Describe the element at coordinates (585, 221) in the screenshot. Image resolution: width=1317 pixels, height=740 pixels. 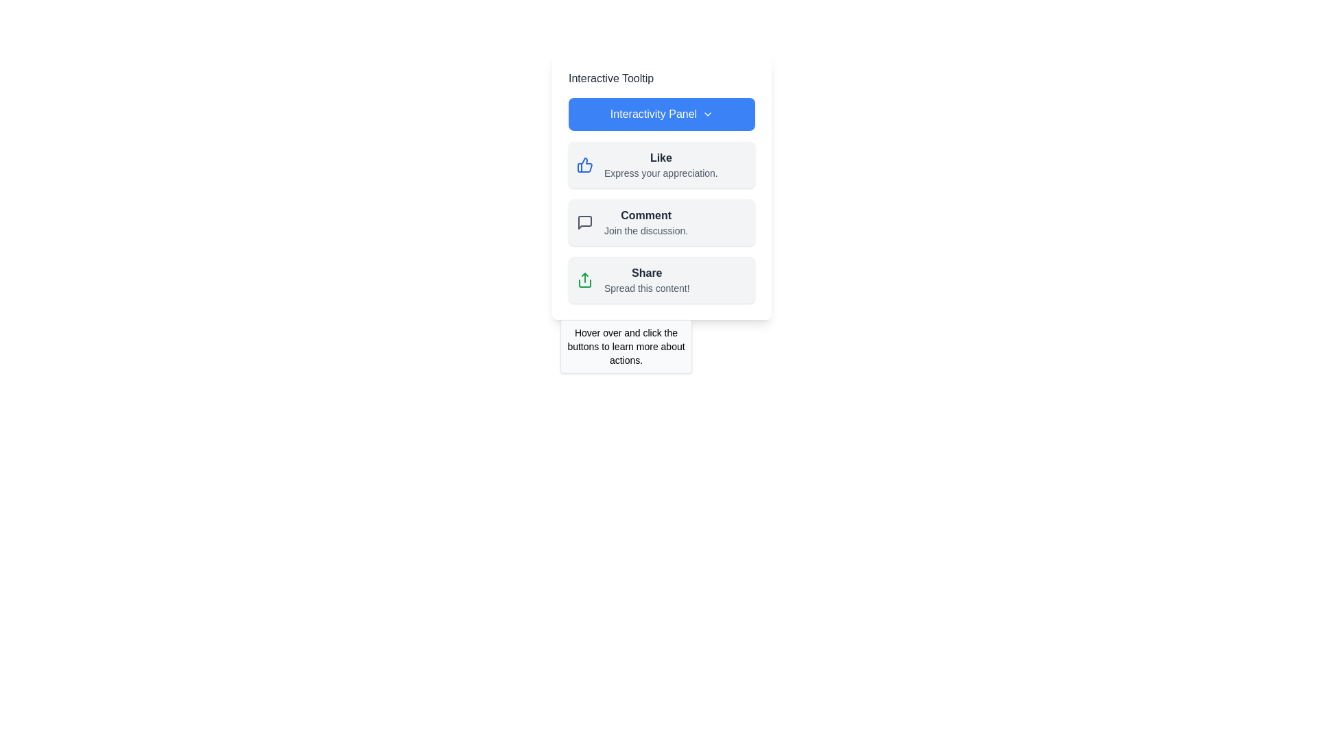
I see `the 'Comment' icon located in the 'Interactivity Panel' section, positioned to the left of the text 'Comment' and 'Join the discussion.'` at that location.